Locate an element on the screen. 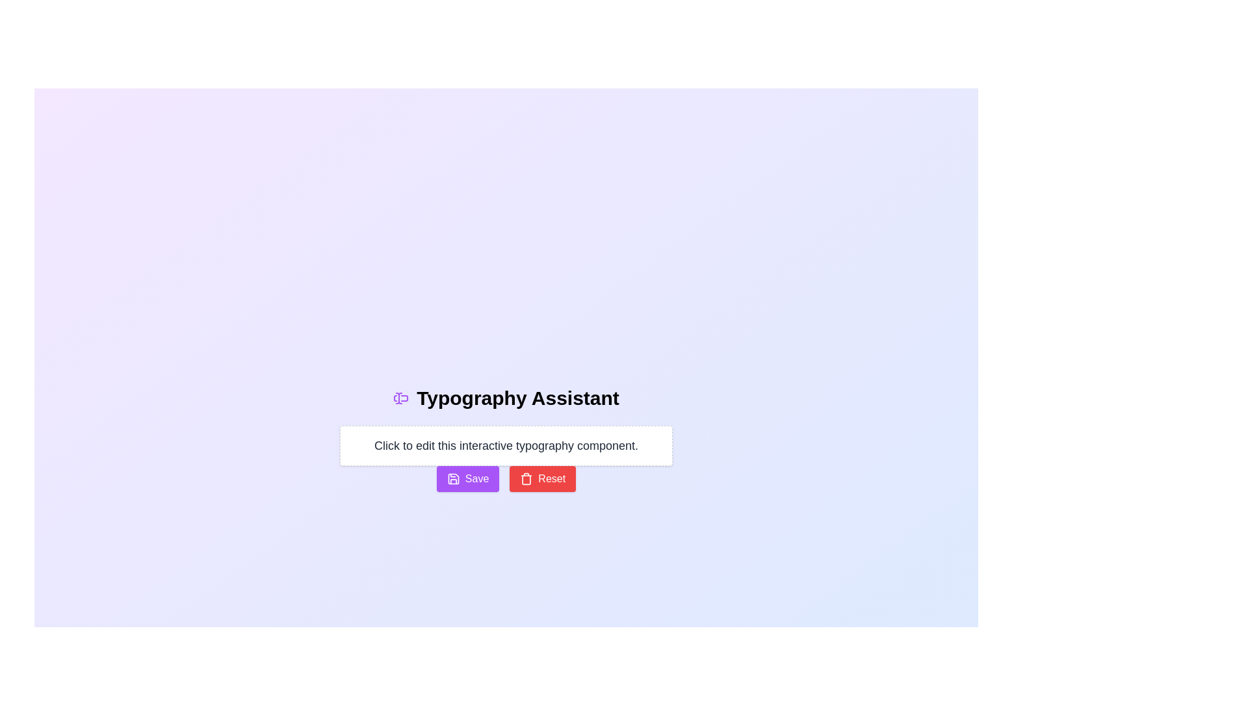  the red 'Reset' button with white text and a trash bin icon to reset the form is located at coordinates (543, 478).